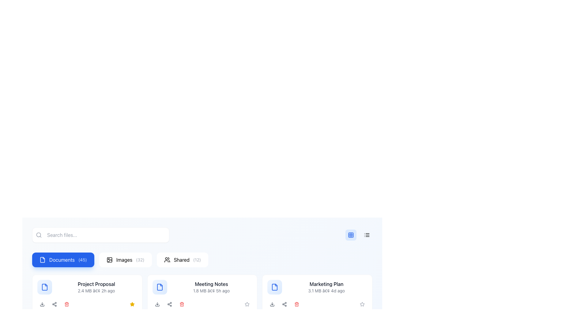 The width and height of the screenshot is (588, 331). Describe the element at coordinates (157, 304) in the screenshot. I see `the download icon, which resembles a downward-pointing arrow over a horizontal bar, to initiate the download action` at that location.